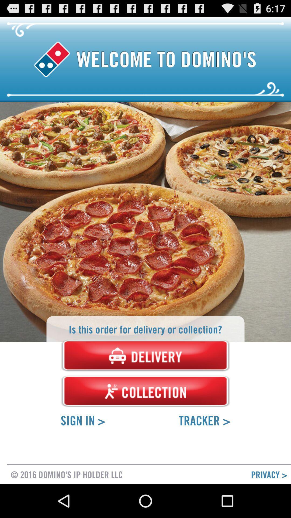 The height and width of the screenshot is (518, 291). Describe the element at coordinates (145, 356) in the screenshot. I see `delivery` at that location.